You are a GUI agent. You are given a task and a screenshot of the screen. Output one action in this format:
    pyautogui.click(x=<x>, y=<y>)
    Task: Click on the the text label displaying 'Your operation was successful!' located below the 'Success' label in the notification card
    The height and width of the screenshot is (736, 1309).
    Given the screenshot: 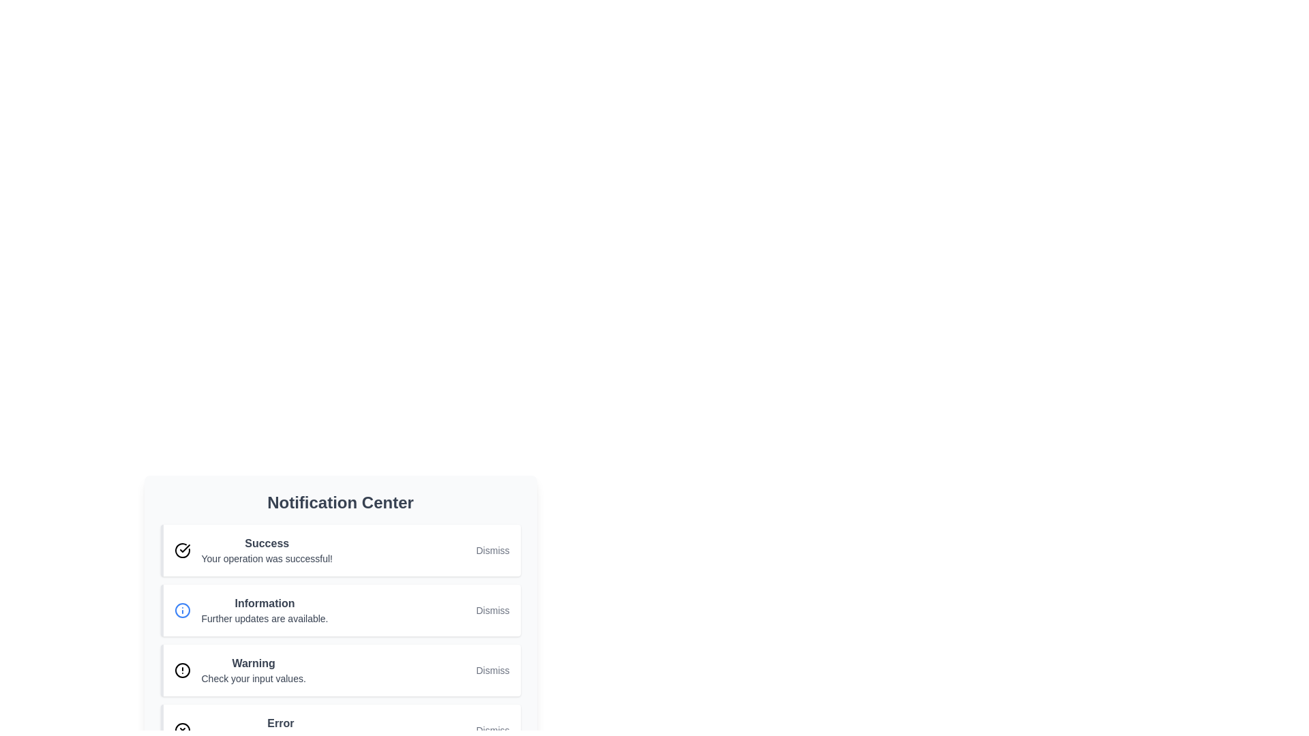 What is the action you would take?
    pyautogui.click(x=267, y=559)
    